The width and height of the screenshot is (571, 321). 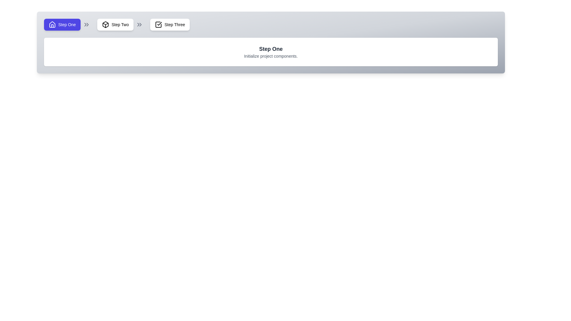 What do you see at coordinates (87, 24) in the screenshot?
I see `the second chevron-style rightward arrow in the top navigation bar to possibly trigger navigation or an action` at bounding box center [87, 24].